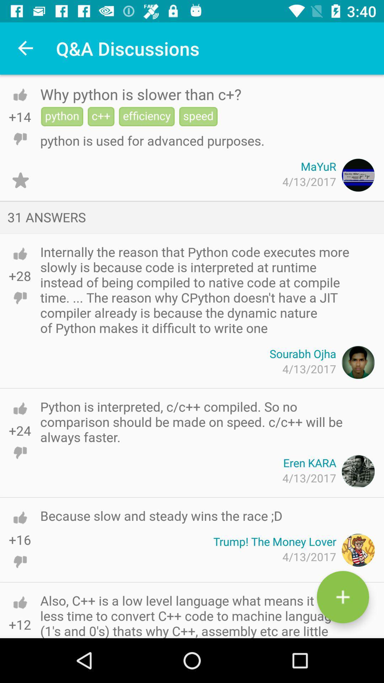 This screenshot has width=384, height=683. What do you see at coordinates (20, 139) in the screenshot?
I see `dislike/ downvote` at bounding box center [20, 139].